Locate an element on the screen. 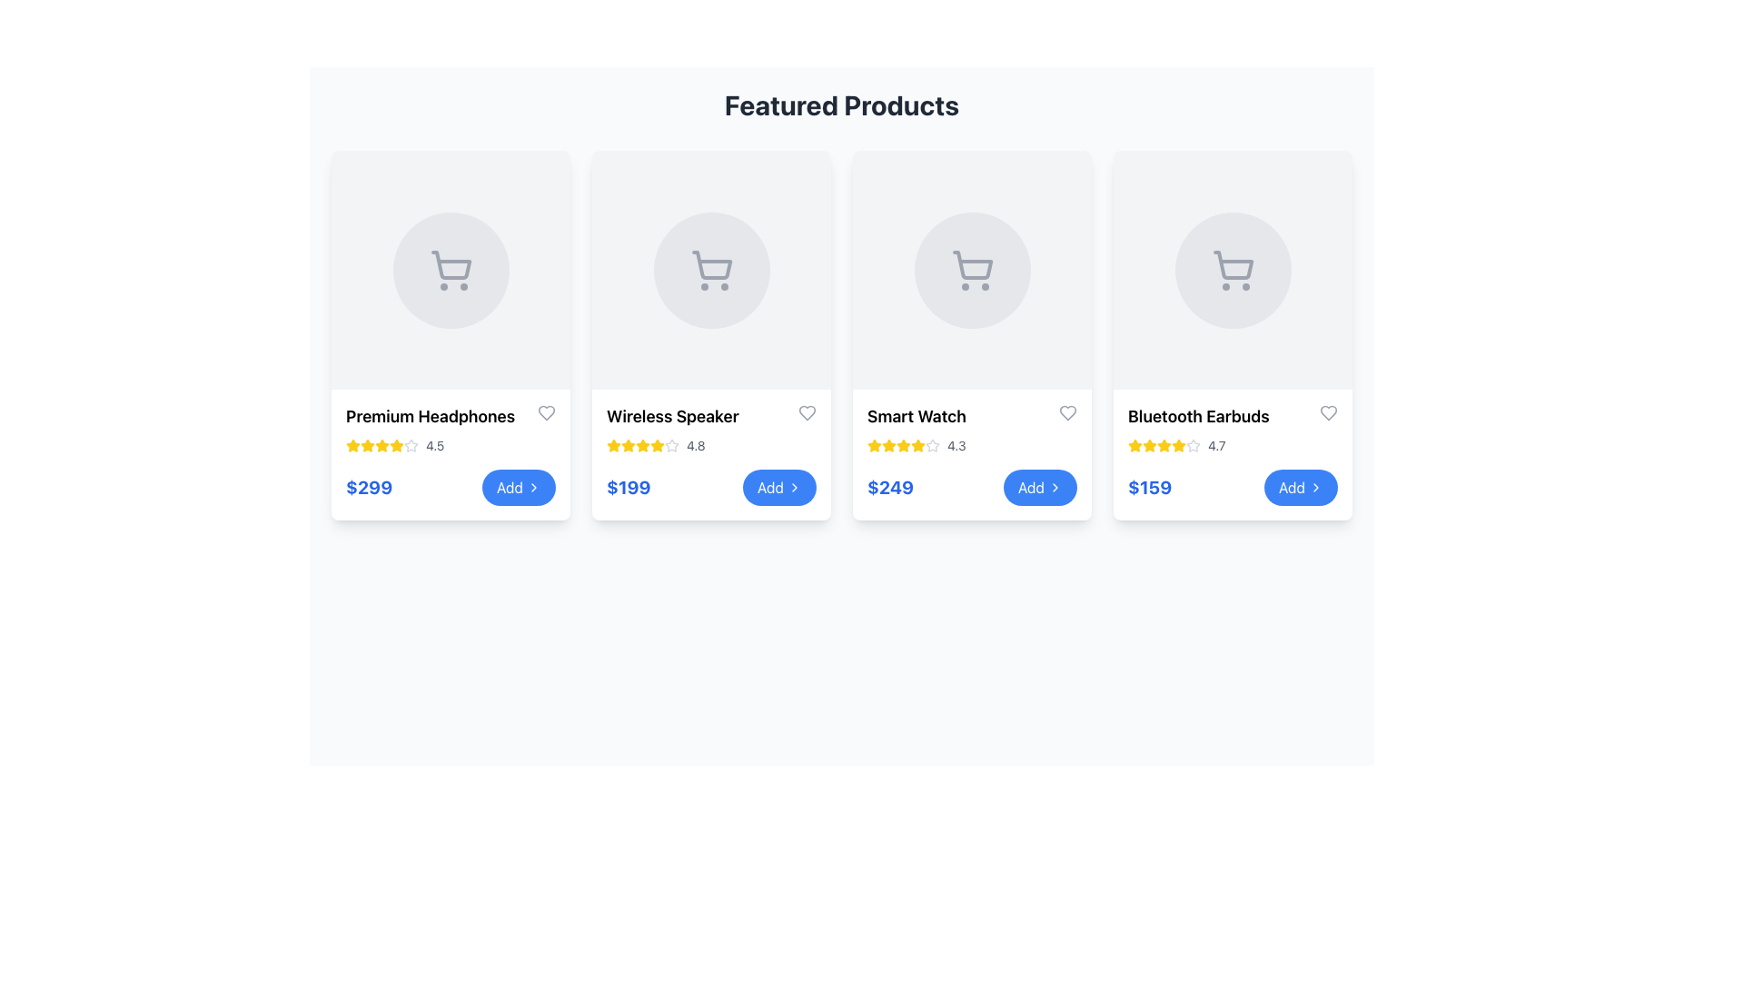 Image resolution: width=1744 pixels, height=981 pixels. the static text displaying '$199' in bold, extra-large font styled in blue, located under the 'Wireless Speaker' product information is located at coordinates (629, 486).